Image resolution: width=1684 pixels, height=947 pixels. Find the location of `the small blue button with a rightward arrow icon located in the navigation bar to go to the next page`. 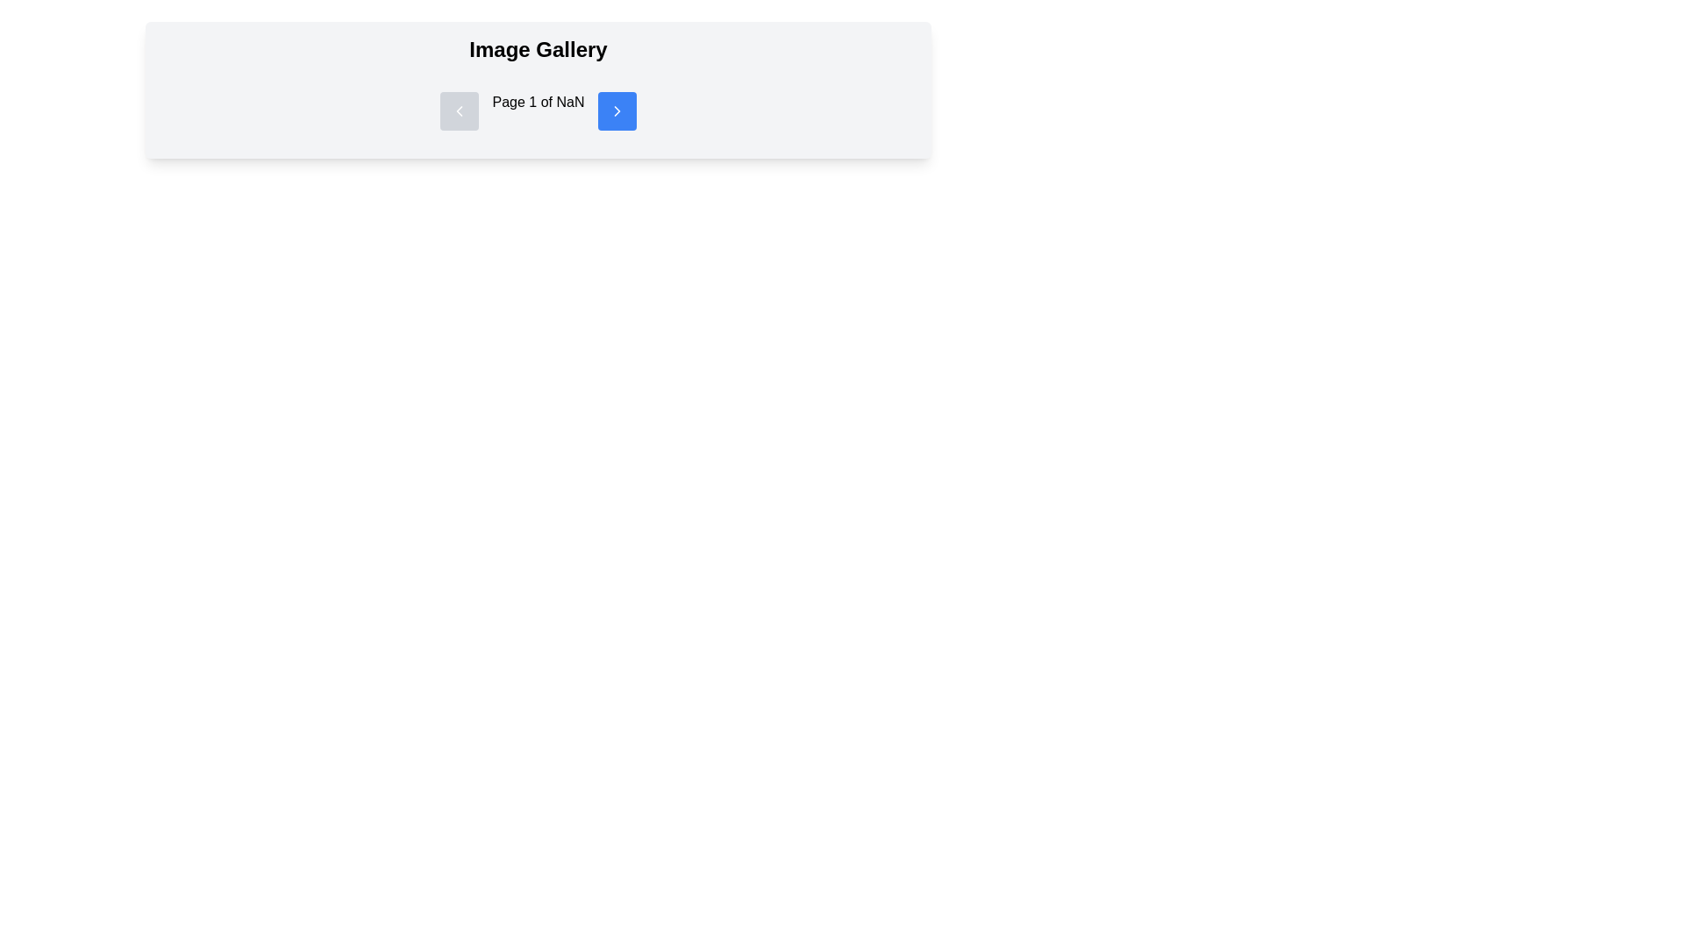

the small blue button with a rightward arrow icon located in the navigation bar to go to the next page is located at coordinates (617, 111).